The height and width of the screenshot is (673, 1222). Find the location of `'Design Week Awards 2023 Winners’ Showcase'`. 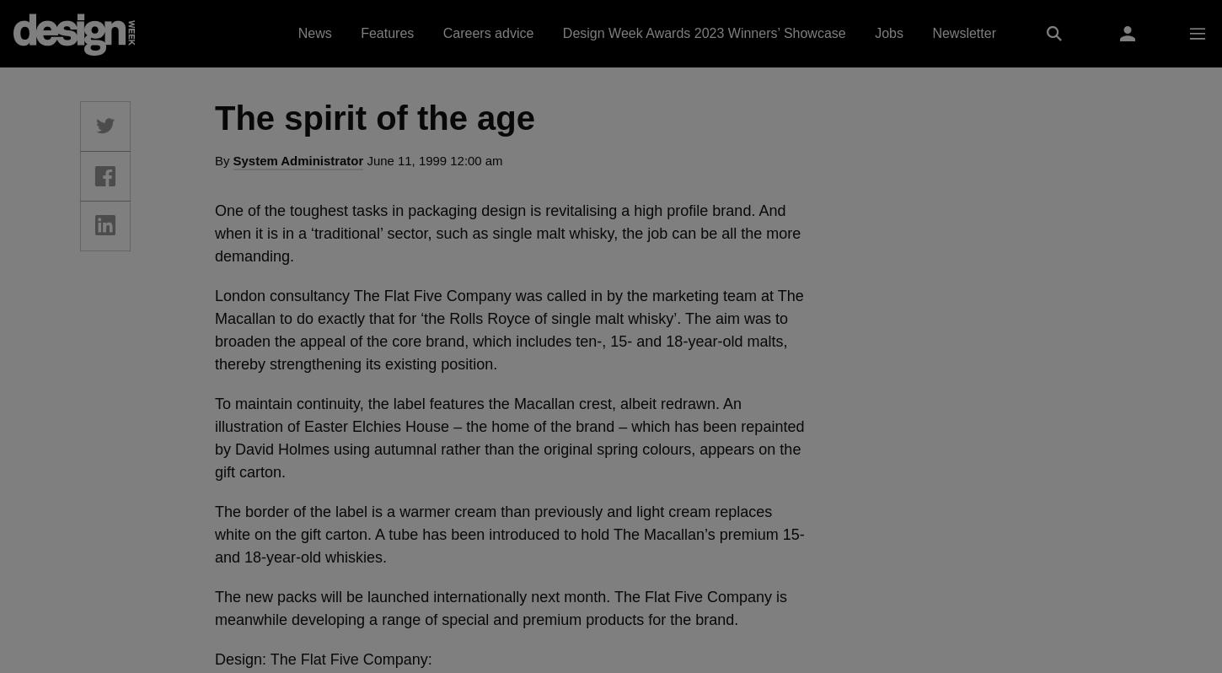

'Design Week Awards 2023 Winners’ Showcase' is located at coordinates (704, 33).